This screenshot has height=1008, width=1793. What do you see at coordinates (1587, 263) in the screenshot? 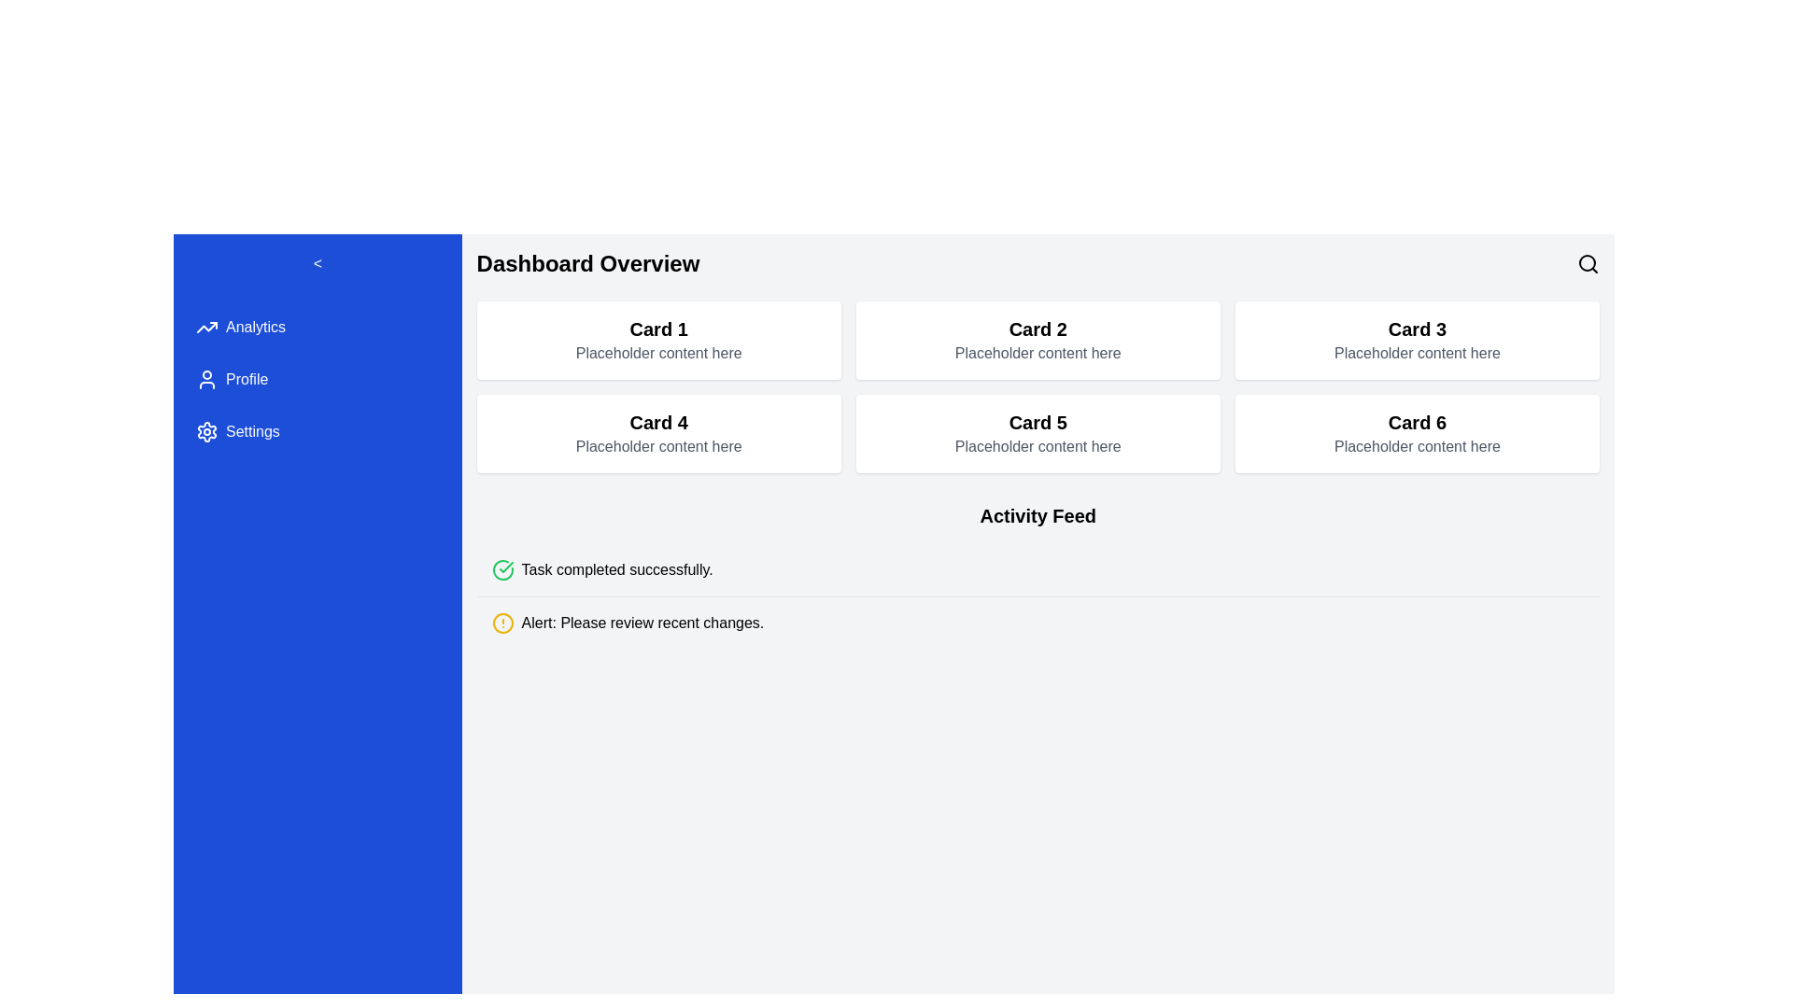
I see `the search icon button` at bounding box center [1587, 263].